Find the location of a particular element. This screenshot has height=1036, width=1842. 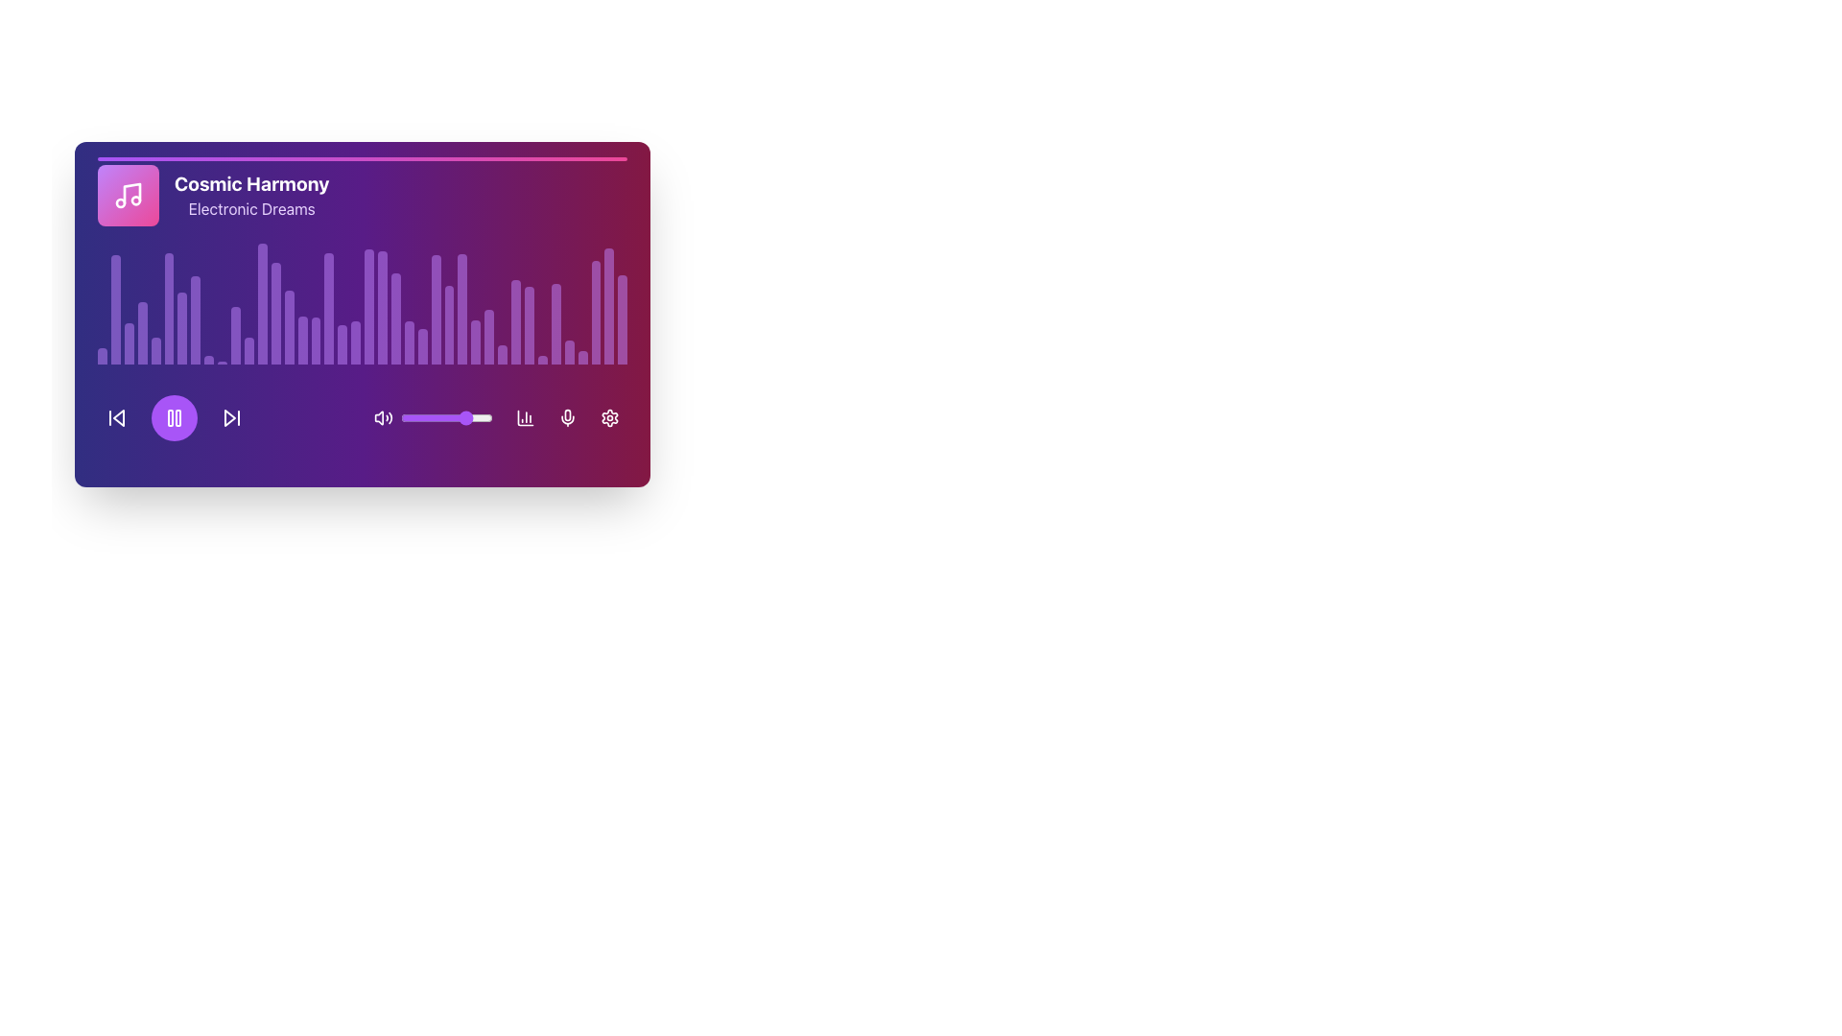

the 22nd vertical bar in the bar chart is located at coordinates (382, 307).